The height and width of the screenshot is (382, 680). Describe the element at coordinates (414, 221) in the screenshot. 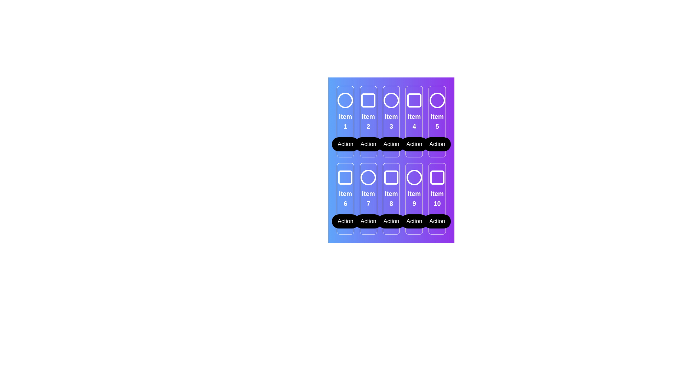

I see `the button labeled 'Action' which is the fourth button in a row at the bottom of the grid layout` at that location.